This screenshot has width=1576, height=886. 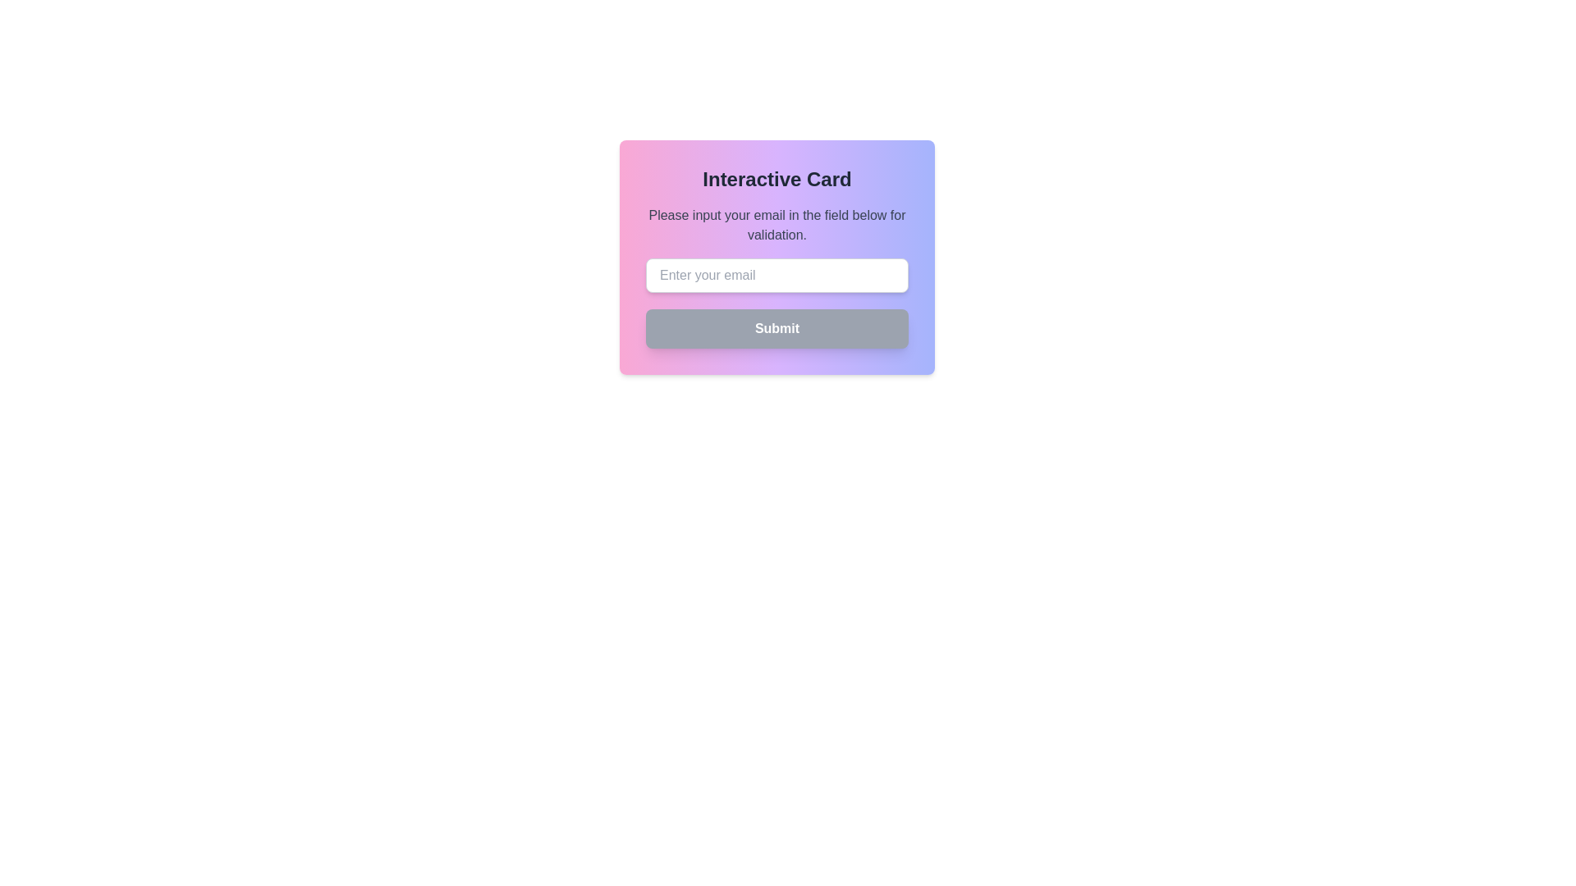 I want to click on the 'Submit' button, which is a rectangular button with rounded corners, gray background, and white bold text, positioned below the input field for email validation, so click(x=776, y=329).